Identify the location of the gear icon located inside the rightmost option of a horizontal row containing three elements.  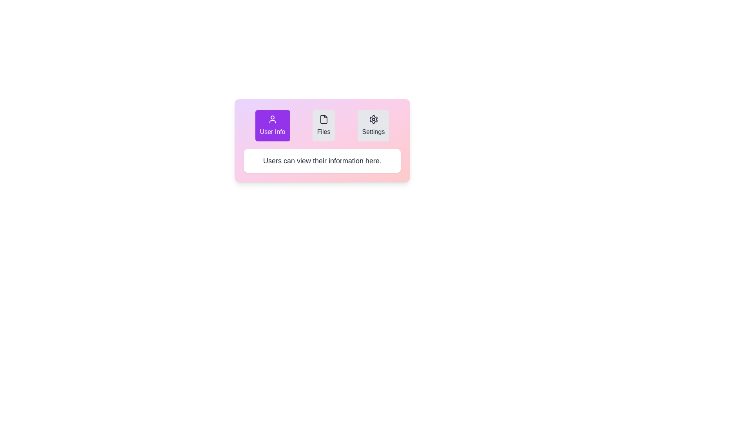
(373, 119).